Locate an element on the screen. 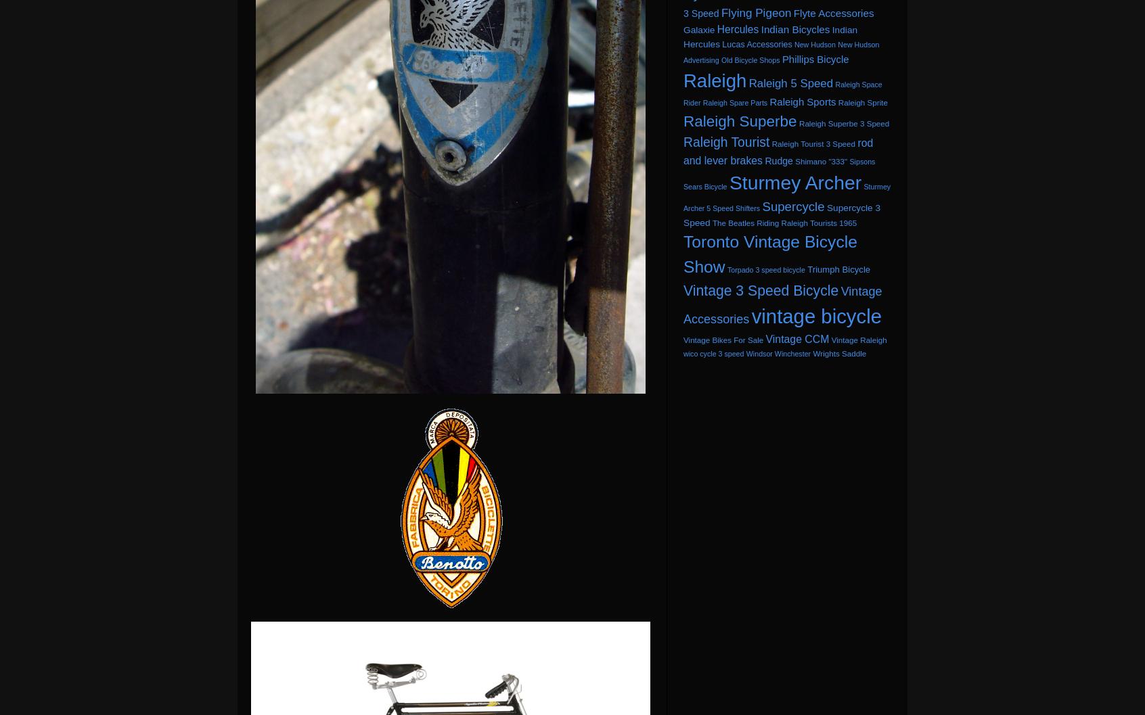 This screenshot has height=715, width=1145. 'Vintage Accessories' is located at coordinates (782, 304).